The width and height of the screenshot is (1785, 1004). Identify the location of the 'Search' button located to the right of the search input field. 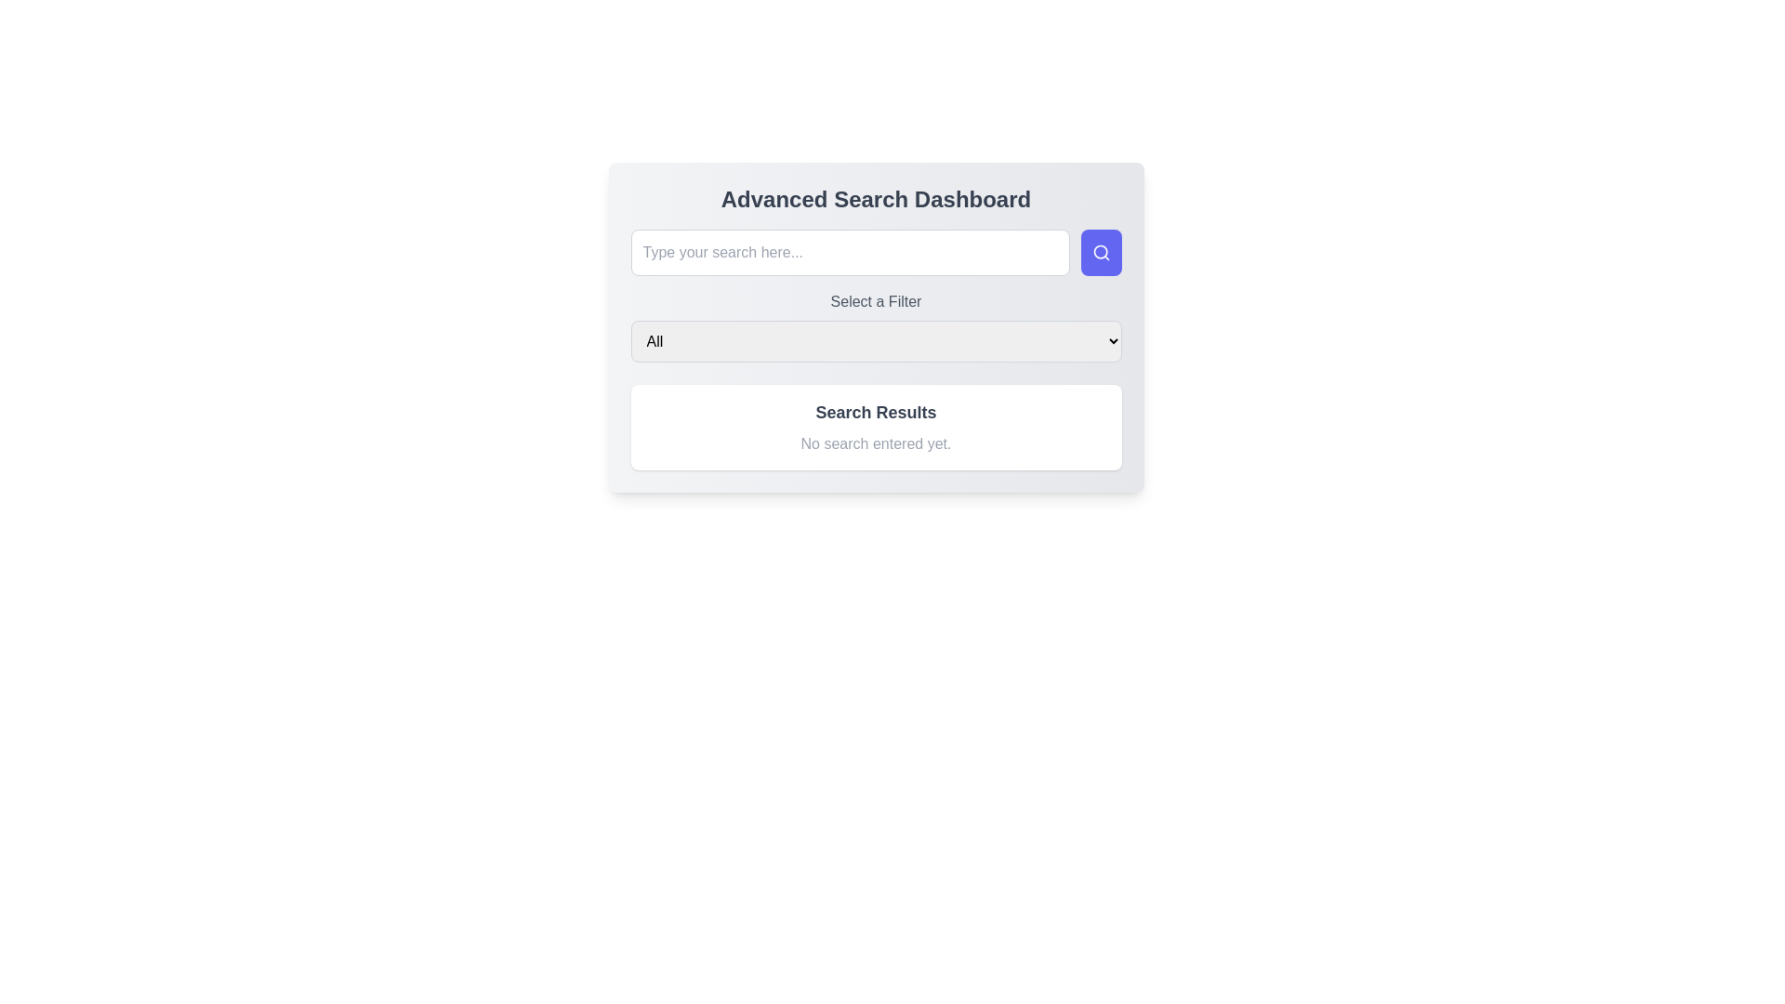
(1101, 253).